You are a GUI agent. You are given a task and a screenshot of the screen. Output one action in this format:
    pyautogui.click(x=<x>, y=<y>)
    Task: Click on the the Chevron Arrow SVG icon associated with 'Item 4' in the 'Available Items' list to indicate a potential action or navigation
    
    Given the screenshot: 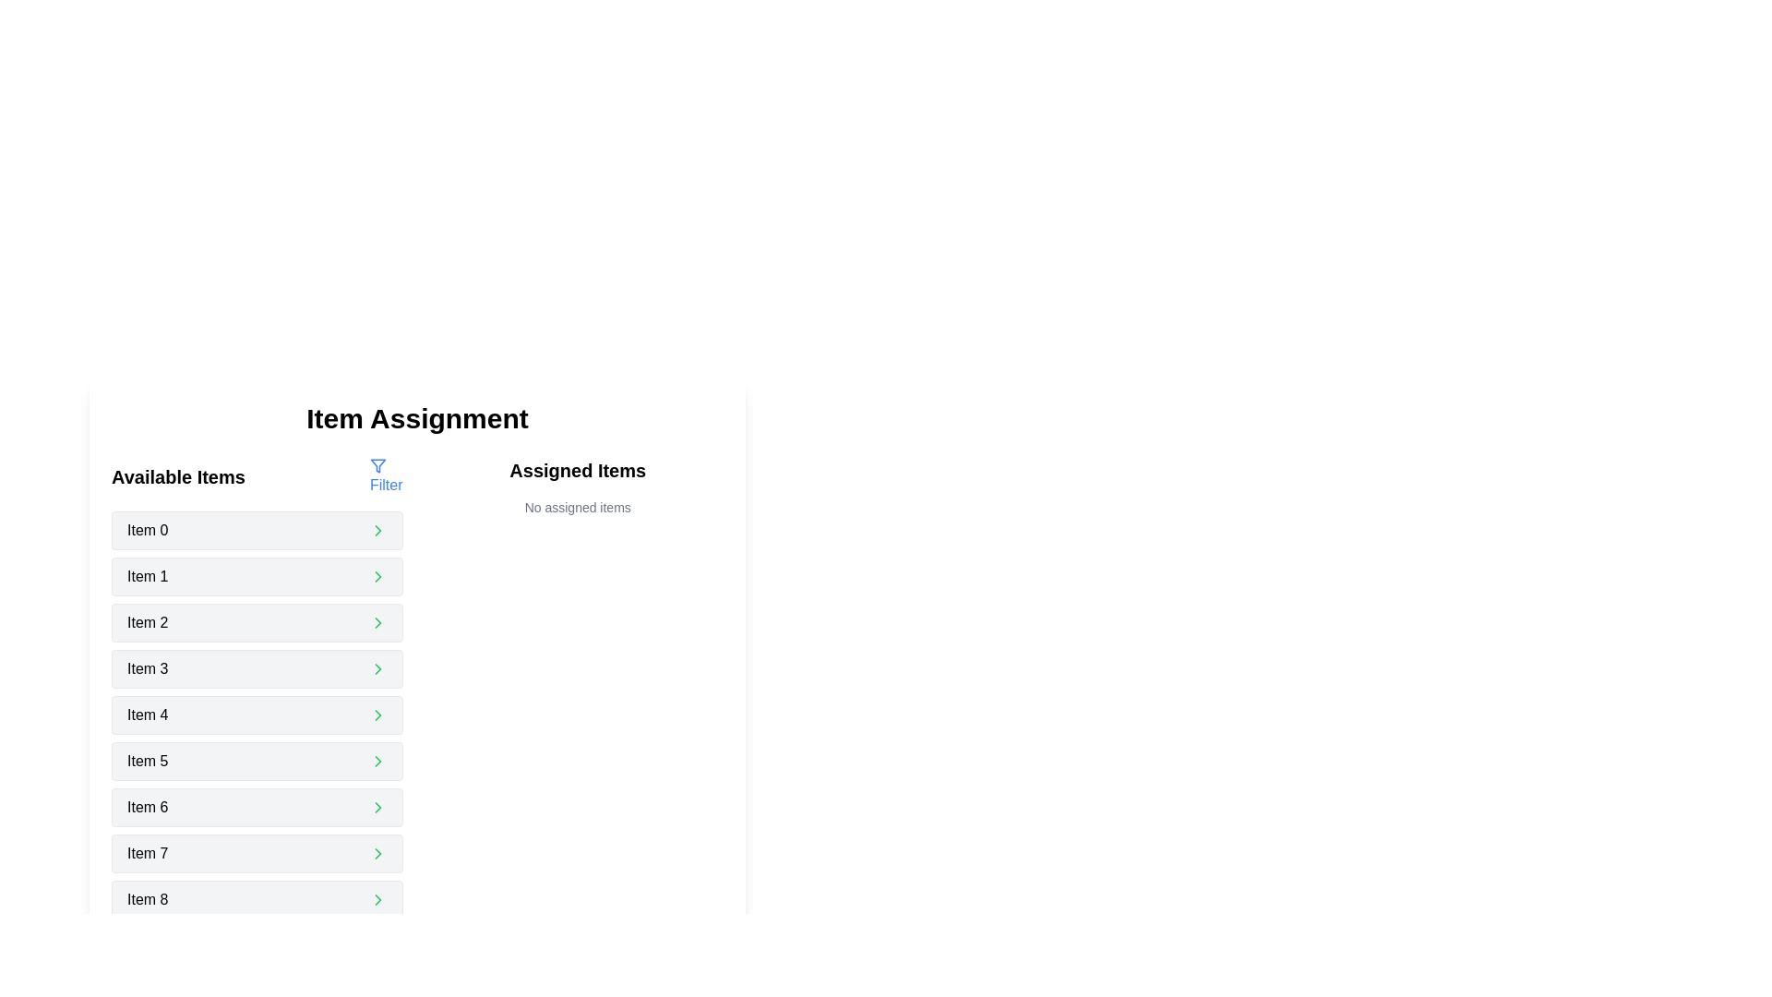 What is the action you would take?
    pyautogui.click(x=377, y=715)
    